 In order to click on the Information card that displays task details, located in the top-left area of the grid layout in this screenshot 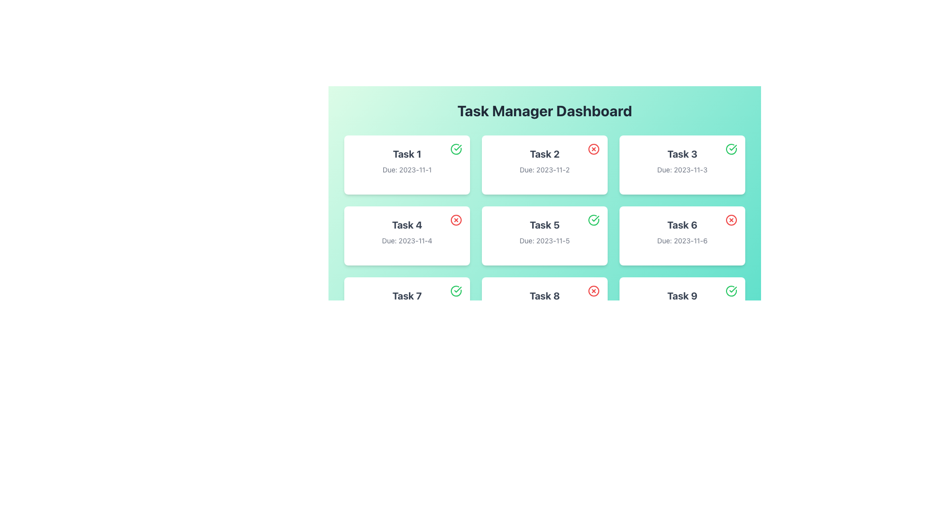, I will do `click(407, 165)`.